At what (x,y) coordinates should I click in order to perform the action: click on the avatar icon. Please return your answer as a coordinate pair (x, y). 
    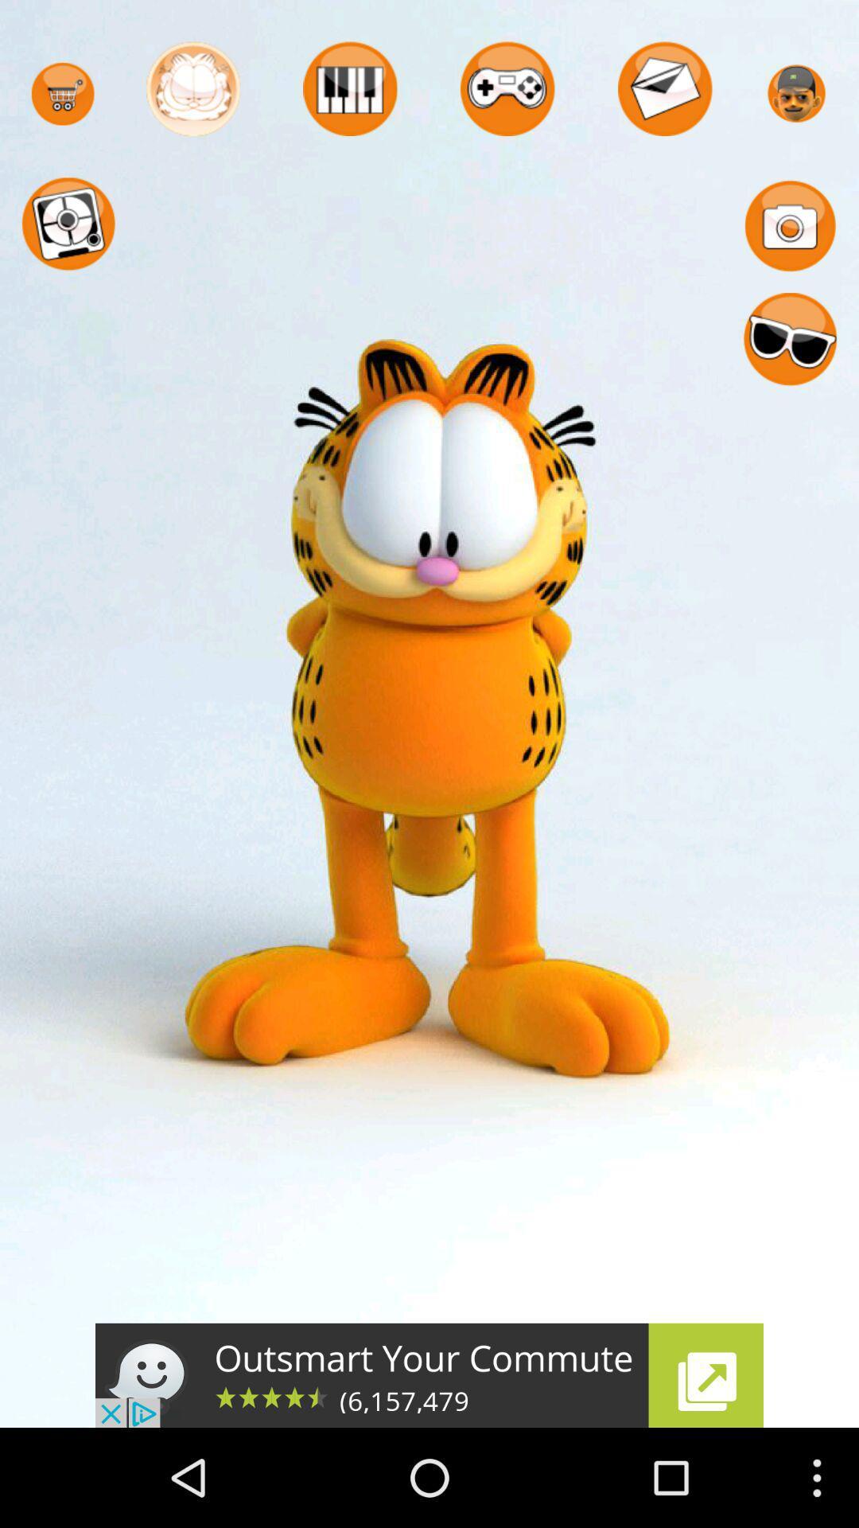
    Looking at the image, I should click on (192, 94).